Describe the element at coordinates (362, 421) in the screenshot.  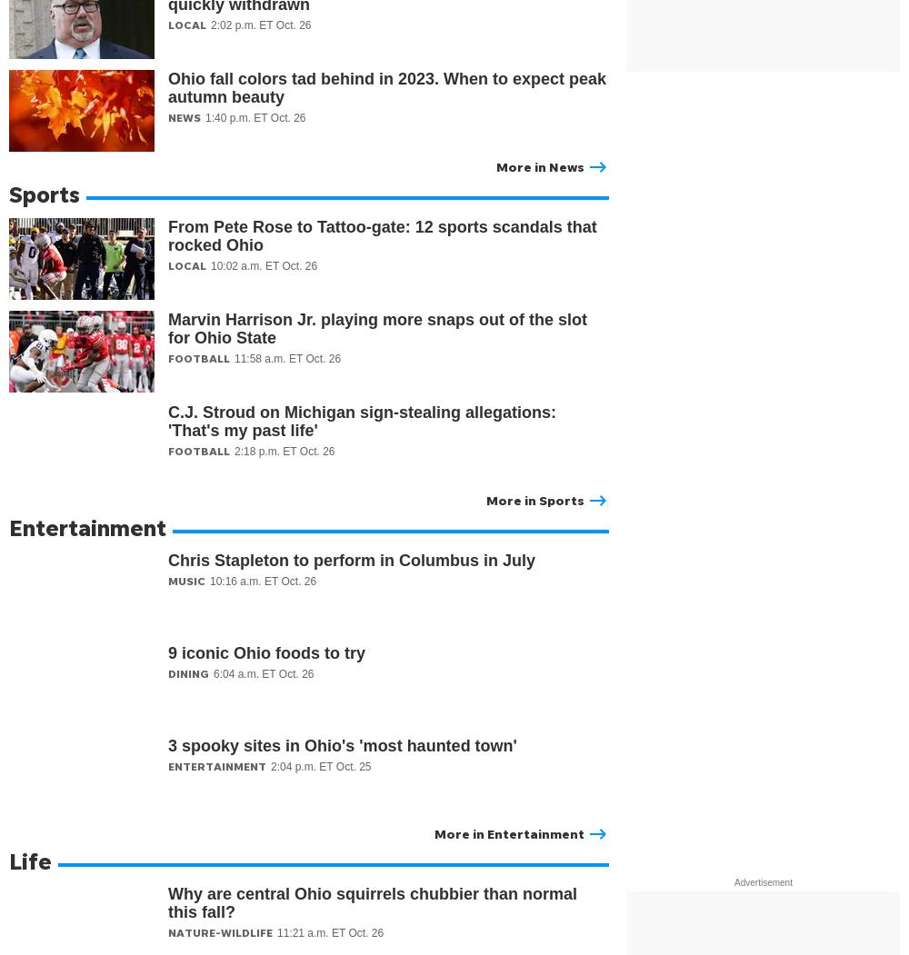
I see `'C.J. Stroud on Michigan sign-stealing allegations: 'That's my past life''` at that location.